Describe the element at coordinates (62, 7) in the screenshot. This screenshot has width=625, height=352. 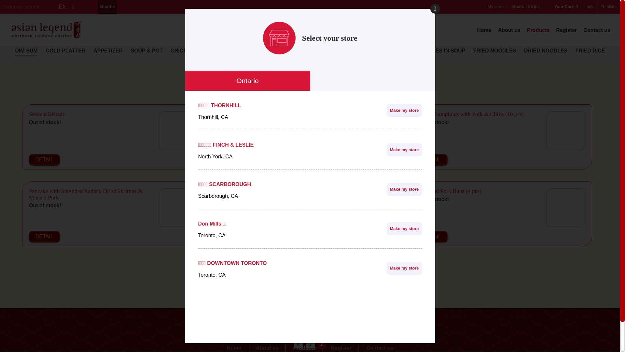
I see `'EN'` at that location.